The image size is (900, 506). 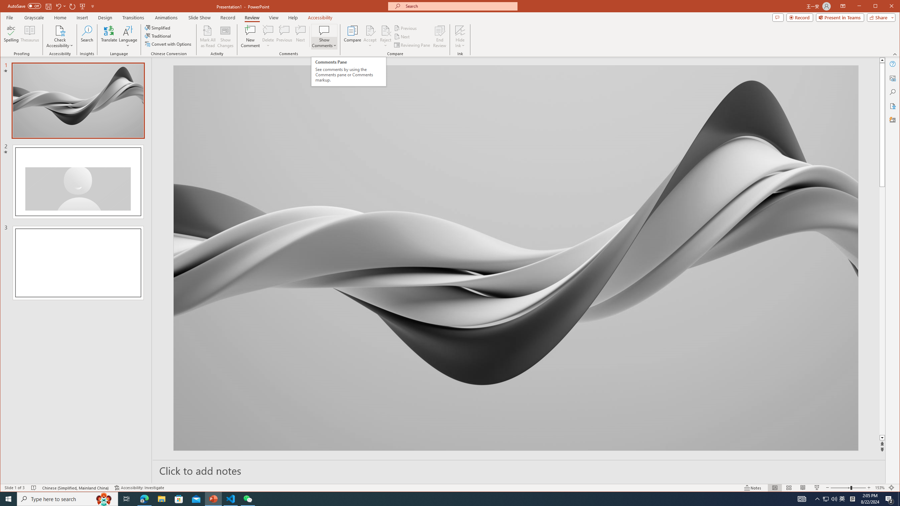 I want to click on 'Grayscale', so click(x=34, y=17).